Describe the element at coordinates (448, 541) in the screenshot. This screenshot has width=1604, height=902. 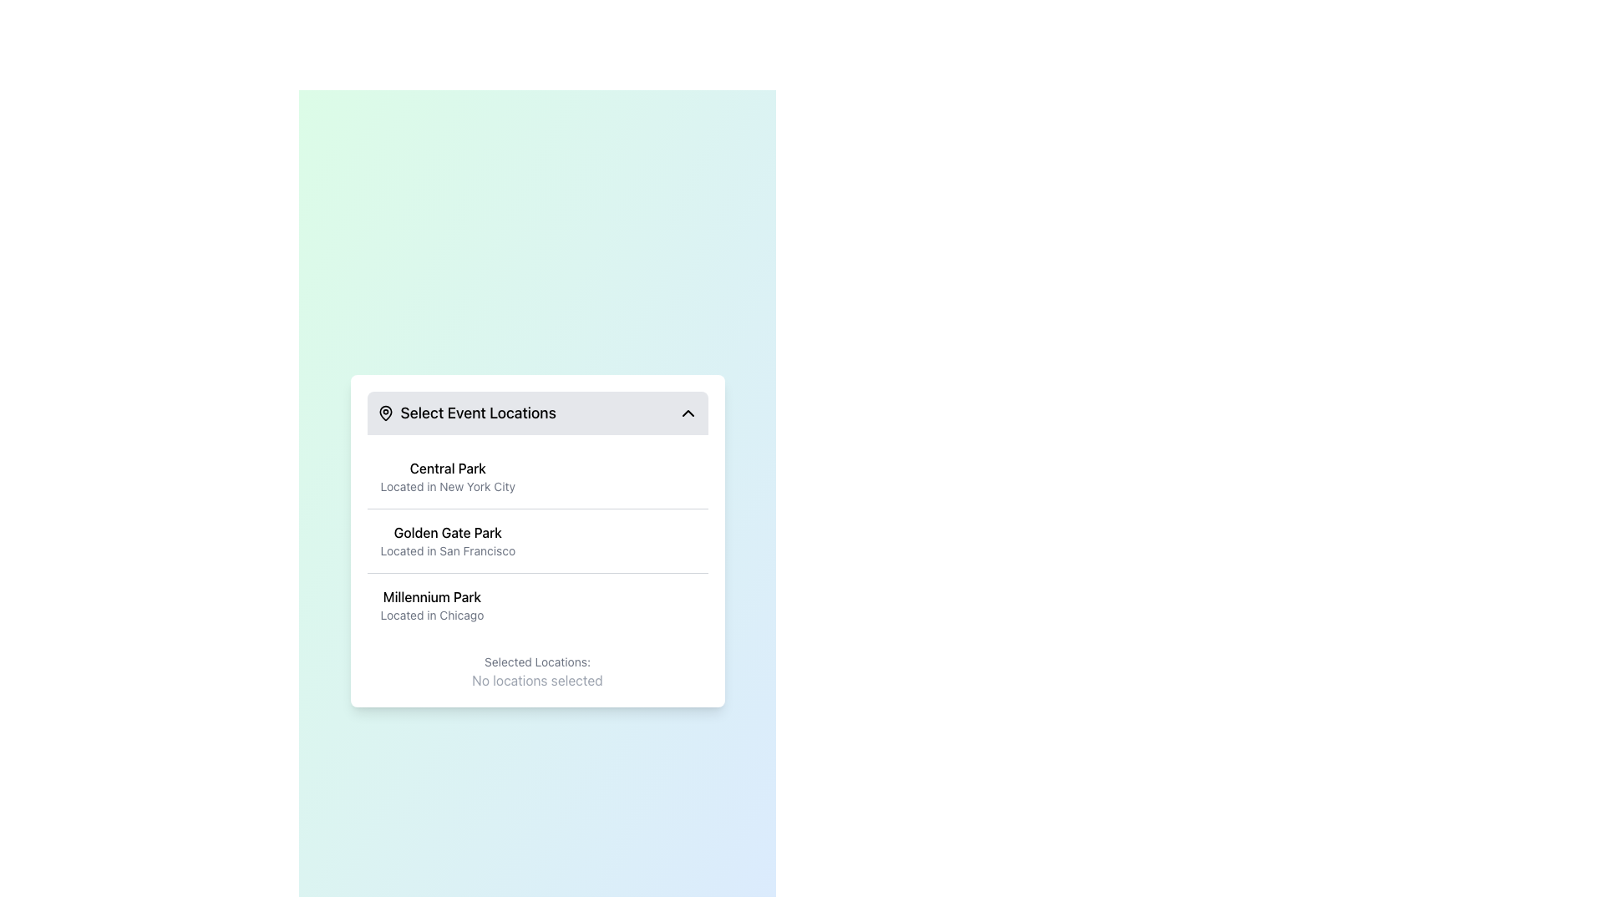
I see `to select the list item for 'Golden Gate Park', which is the second entry in the list of event locations, positioned centrally in the dialog box` at that location.